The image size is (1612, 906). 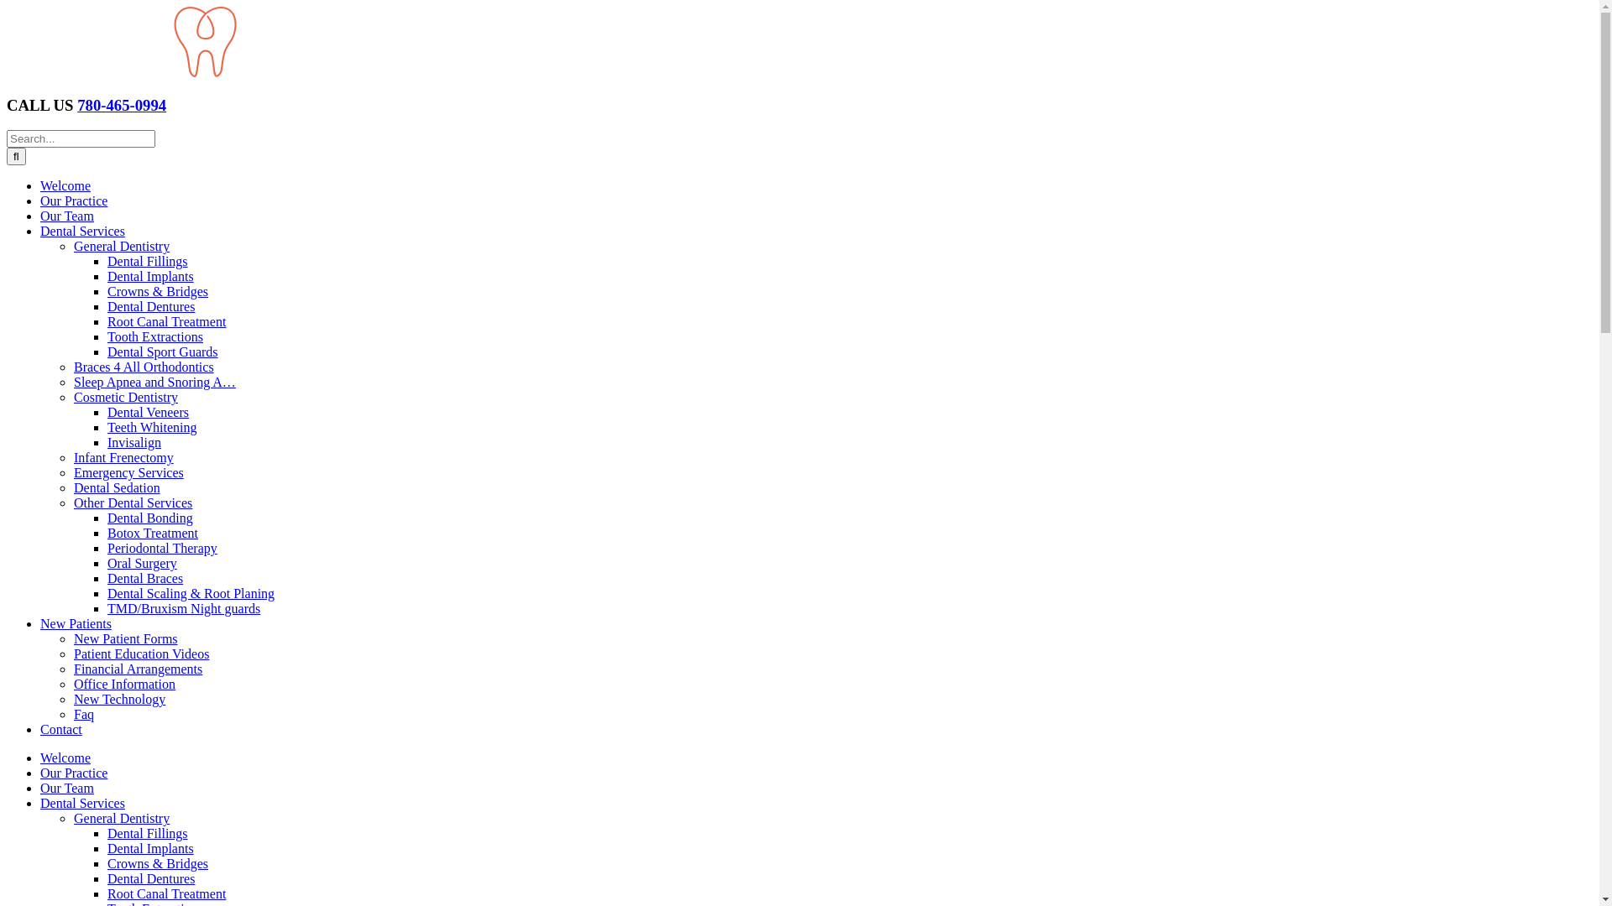 I want to click on 'New Patient Forms', so click(x=124, y=638).